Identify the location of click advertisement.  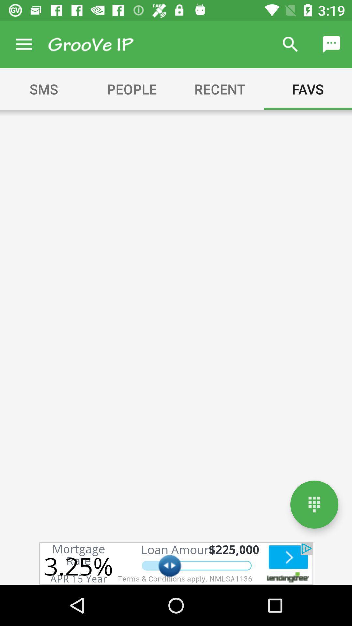
(176, 563).